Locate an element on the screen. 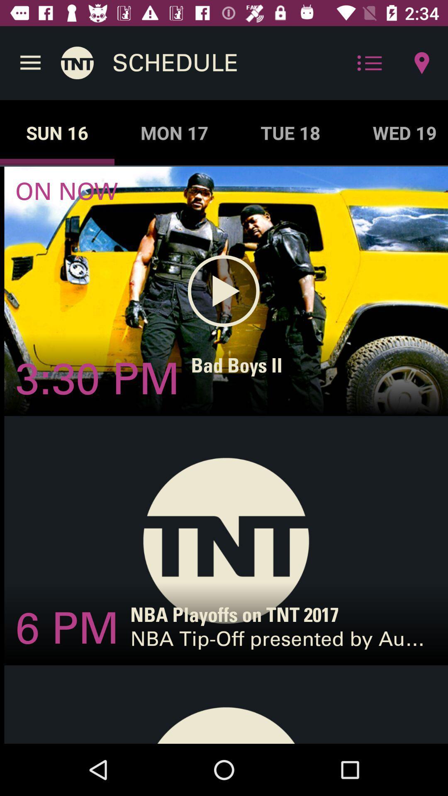 This screenshot has width=448, height=796. the icon above the sun 16 item is located at coordinates (30, 63).